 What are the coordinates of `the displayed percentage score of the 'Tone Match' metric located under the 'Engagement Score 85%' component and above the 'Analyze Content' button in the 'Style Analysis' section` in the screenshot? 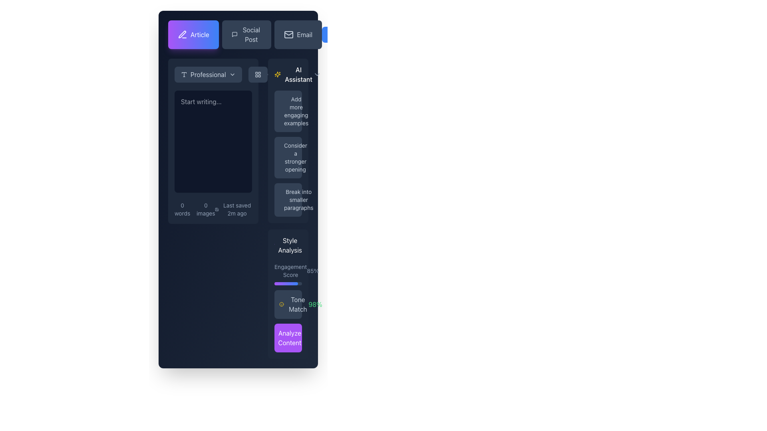 It's located at (288, 304).